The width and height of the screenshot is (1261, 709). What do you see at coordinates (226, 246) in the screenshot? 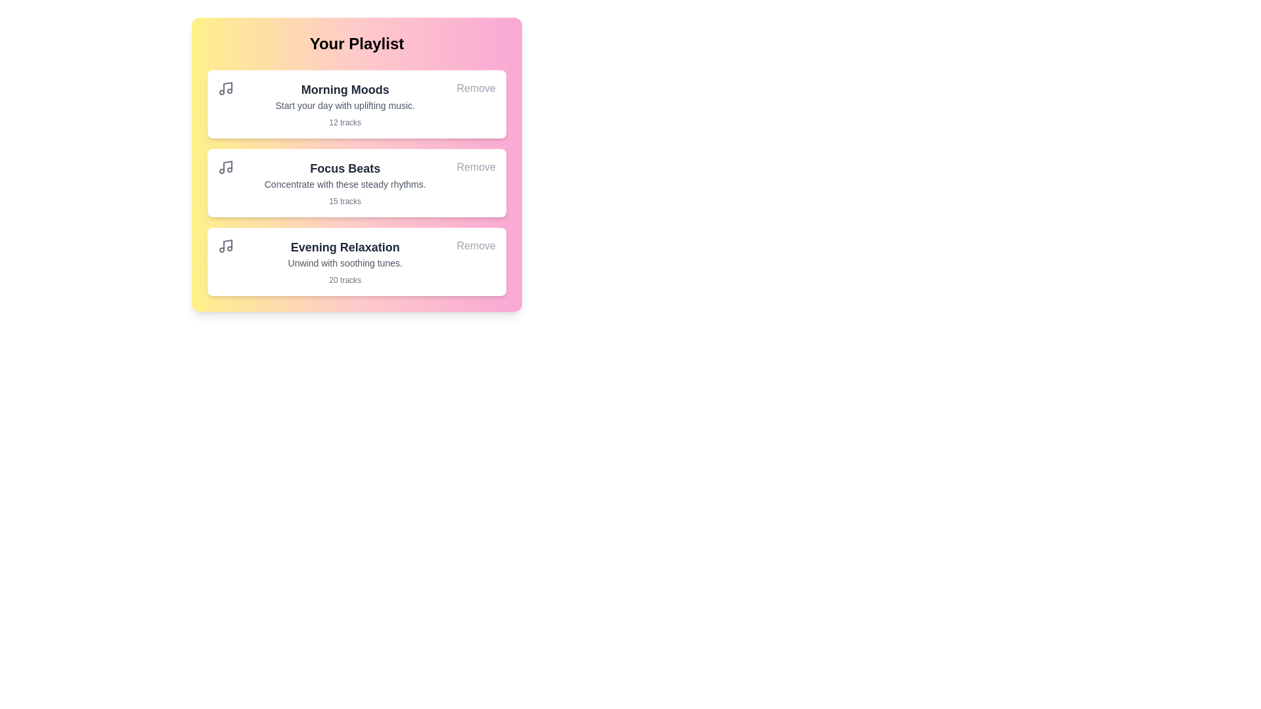
I see `the music icon for the playlist item Evening Relaxation` at bounding box center [226, 246].